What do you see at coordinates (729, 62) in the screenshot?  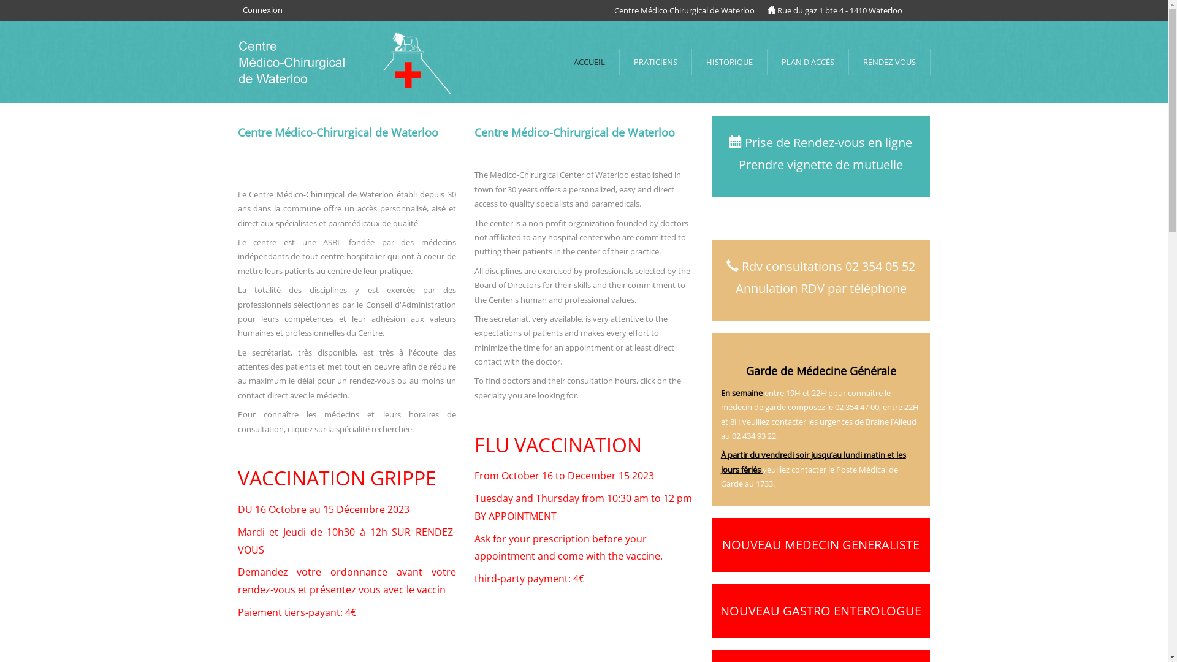 I see `'HISTORIQUE'` at bounding box center [729, 62].